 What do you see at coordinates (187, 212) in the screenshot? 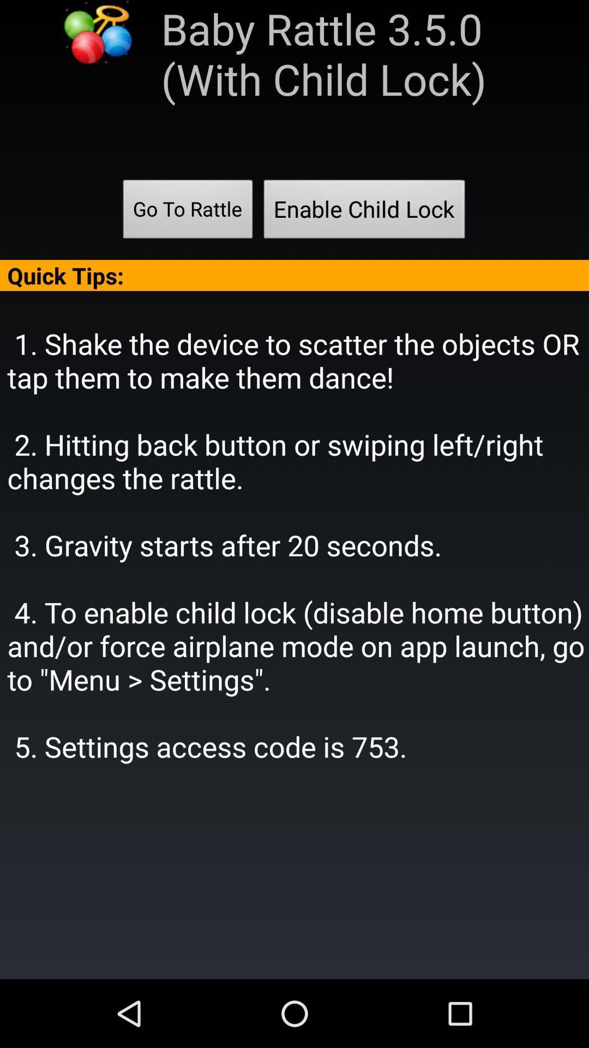
I see `app below baby rattle 3` at bounding box center [187, 212].